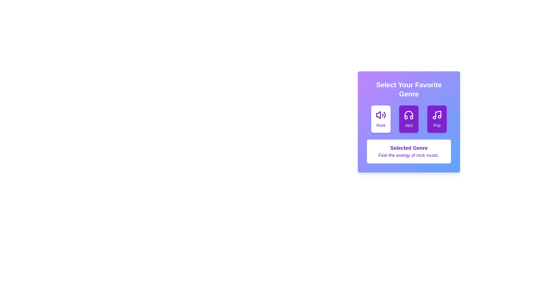  What do you see at coordinates (381, 119) in the screenshot?
I see `the music genre by clicking on the button labeled Rock` at bounding box center [381, 119].